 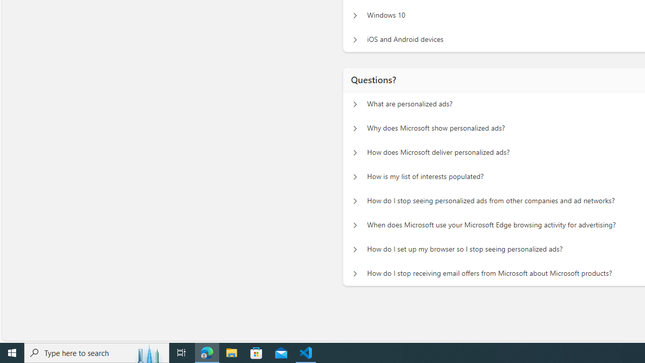 What do you see at coordinates (355, 153) in the screenshot?
I see `'Questions? How does Microsoft deliver personalized ads?'` at bounding box center [355, 153].